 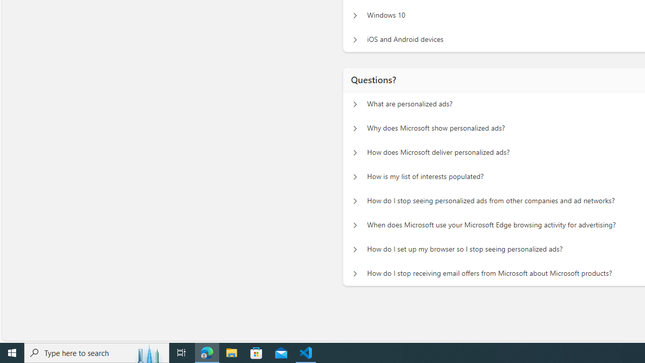 What do you see at coordinates (355, 153) in the screenshot?
I see `'Questions? How does Microsoft deliver personalized ads?'` at bounding box center [355, 153].